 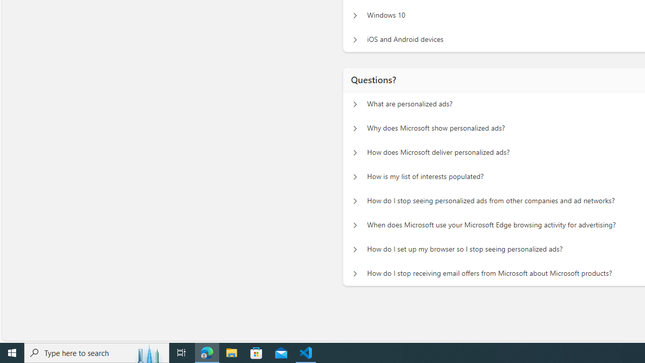 What do you see at coordinates (355, 153) in the screenshot?
I see `'Questions? How does Microsoft deliver personalized ads?'` at bounding box center [355, 153].